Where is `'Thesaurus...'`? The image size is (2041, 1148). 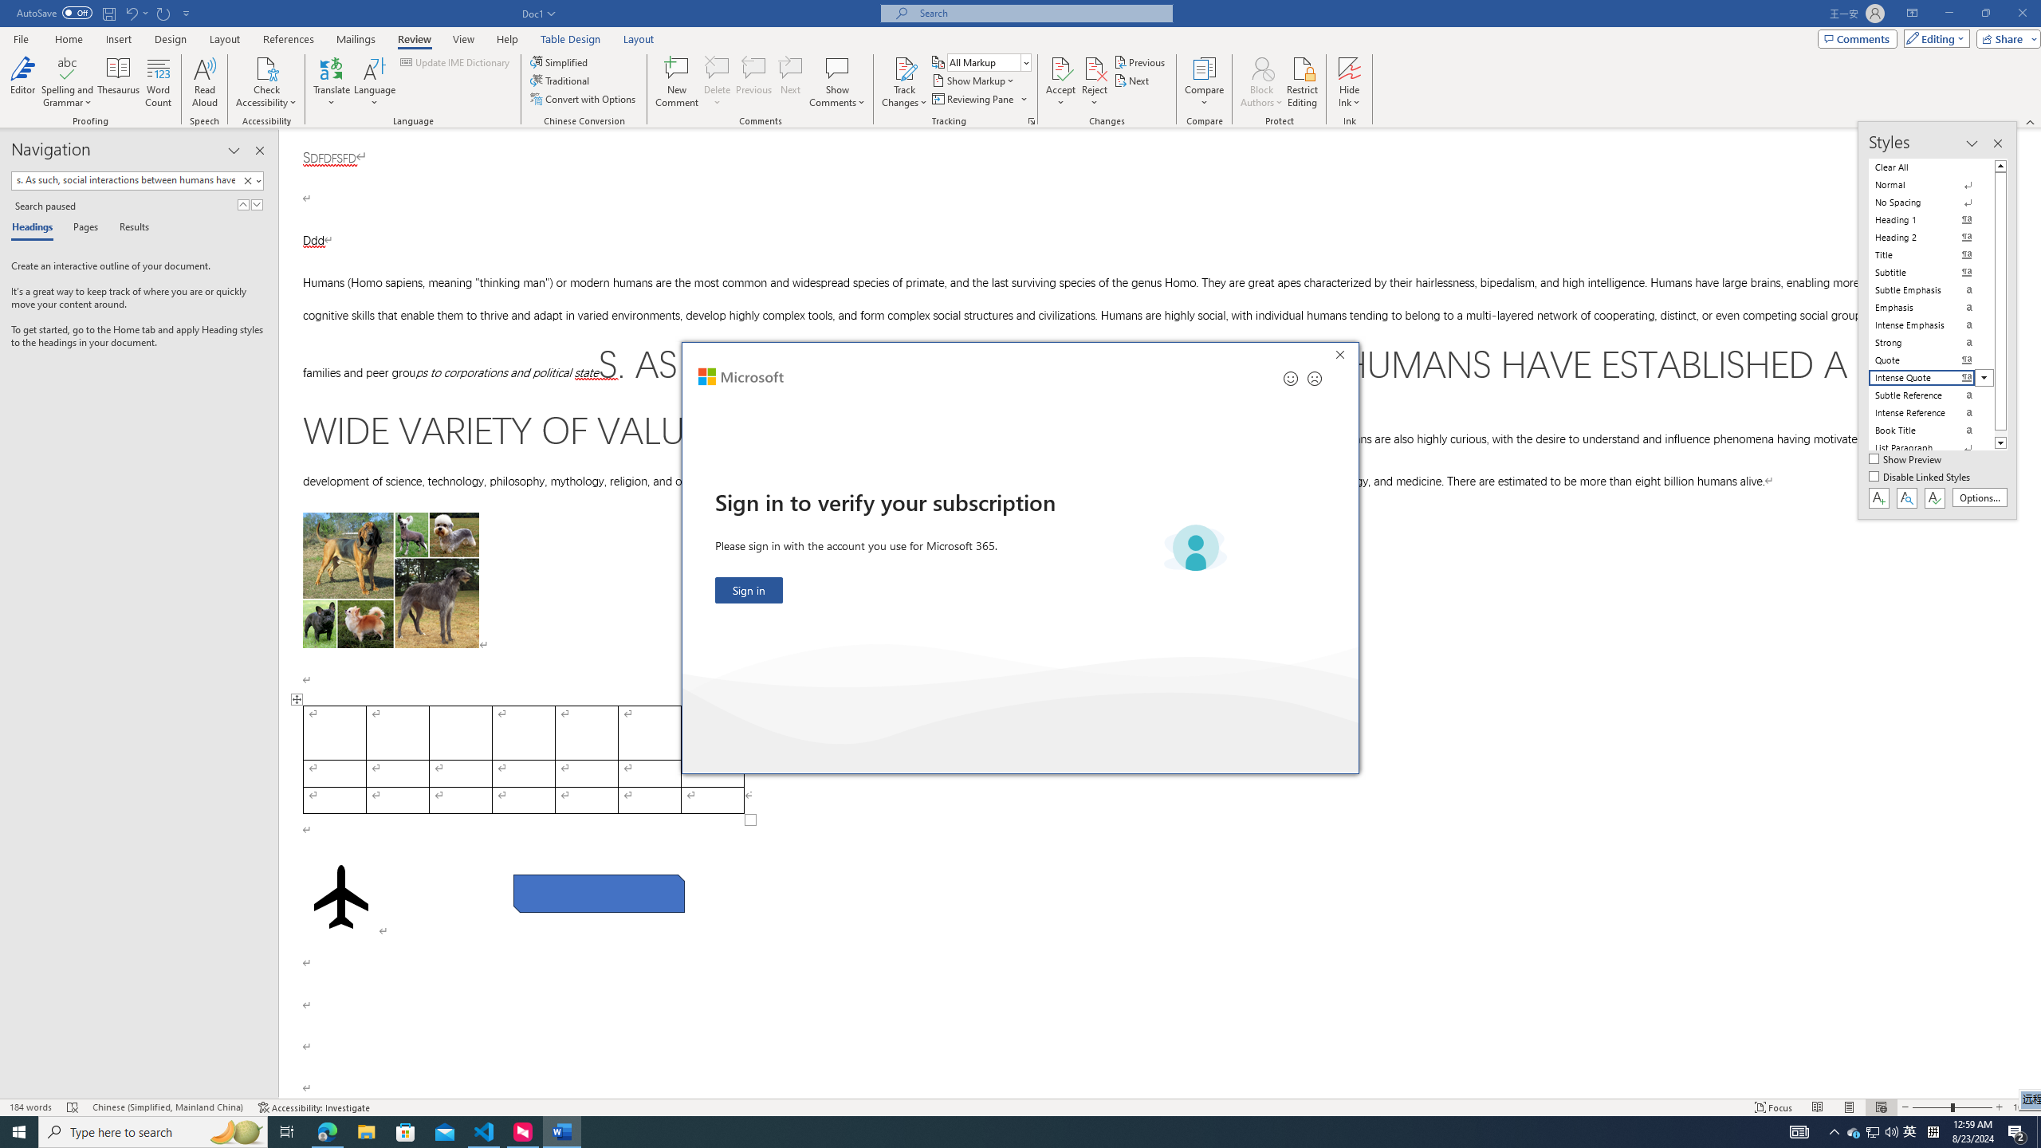
'Thesaurus...' is located at coordinates (118, 82).